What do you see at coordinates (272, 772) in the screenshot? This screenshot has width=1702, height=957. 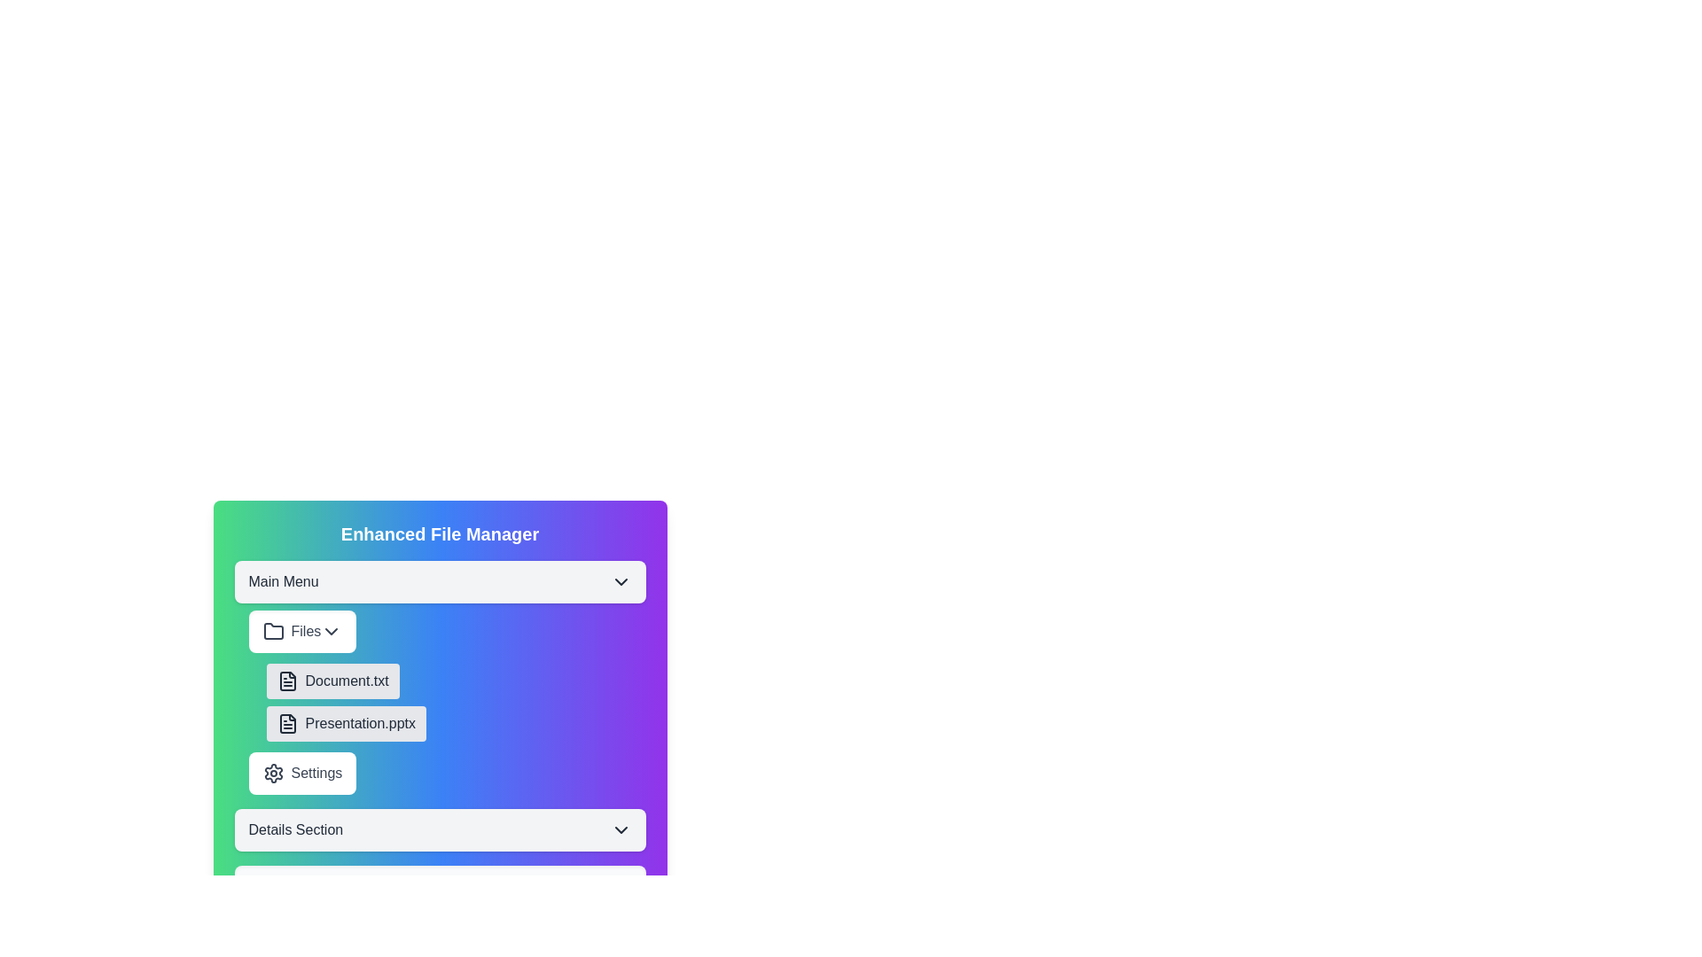 I see `the settings icon located beneath the 'Files' folder icon and above the 'Details Section' dropdown` at bounding box center [272, 772].